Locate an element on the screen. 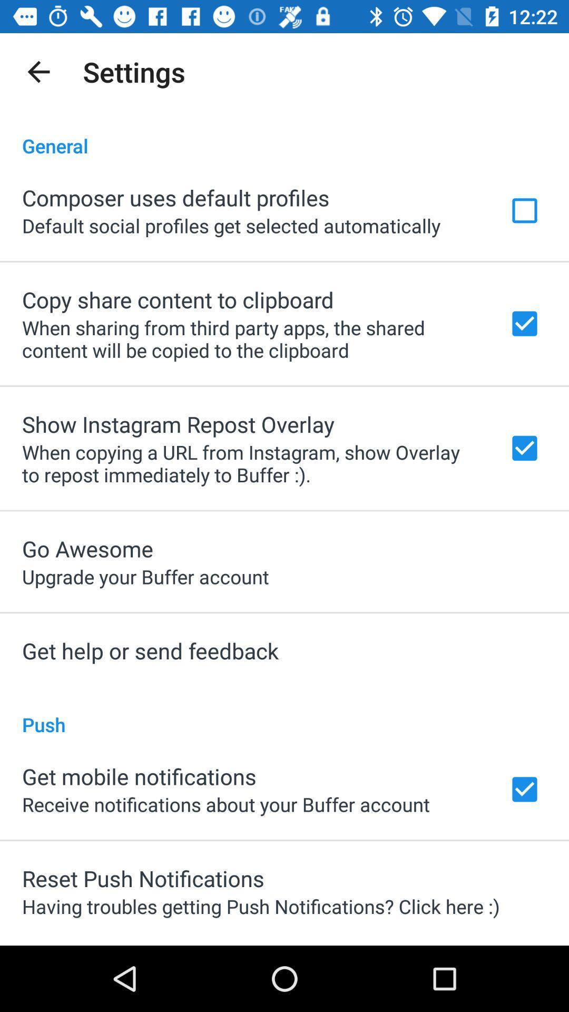 The height and width of the screenshot is (1012, 569). the icon below when copying a app is located at coordinates (87, 548).